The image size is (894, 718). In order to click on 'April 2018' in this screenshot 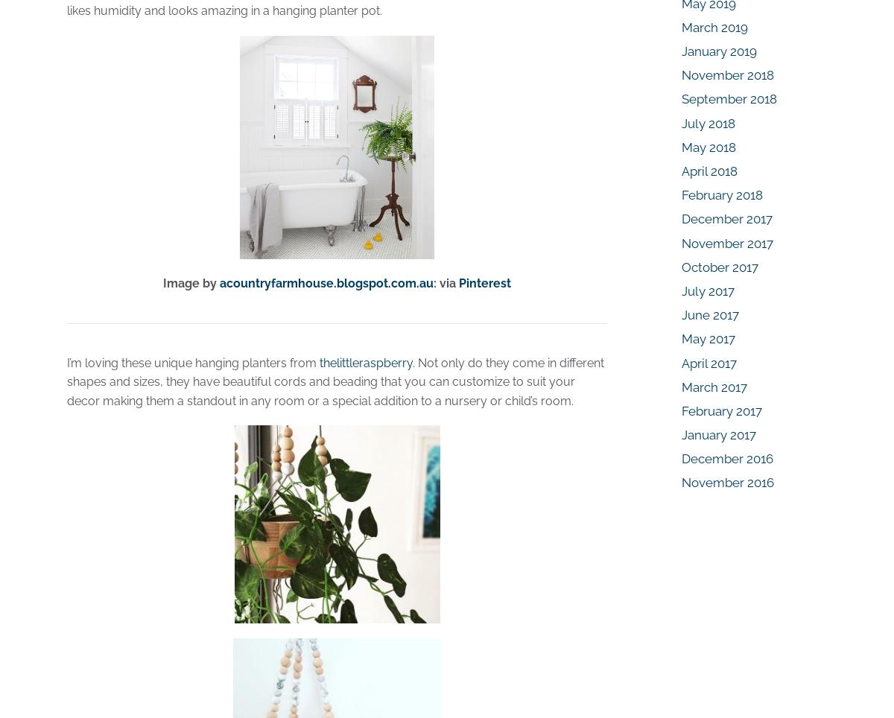, I will do `click(709, 171)`.